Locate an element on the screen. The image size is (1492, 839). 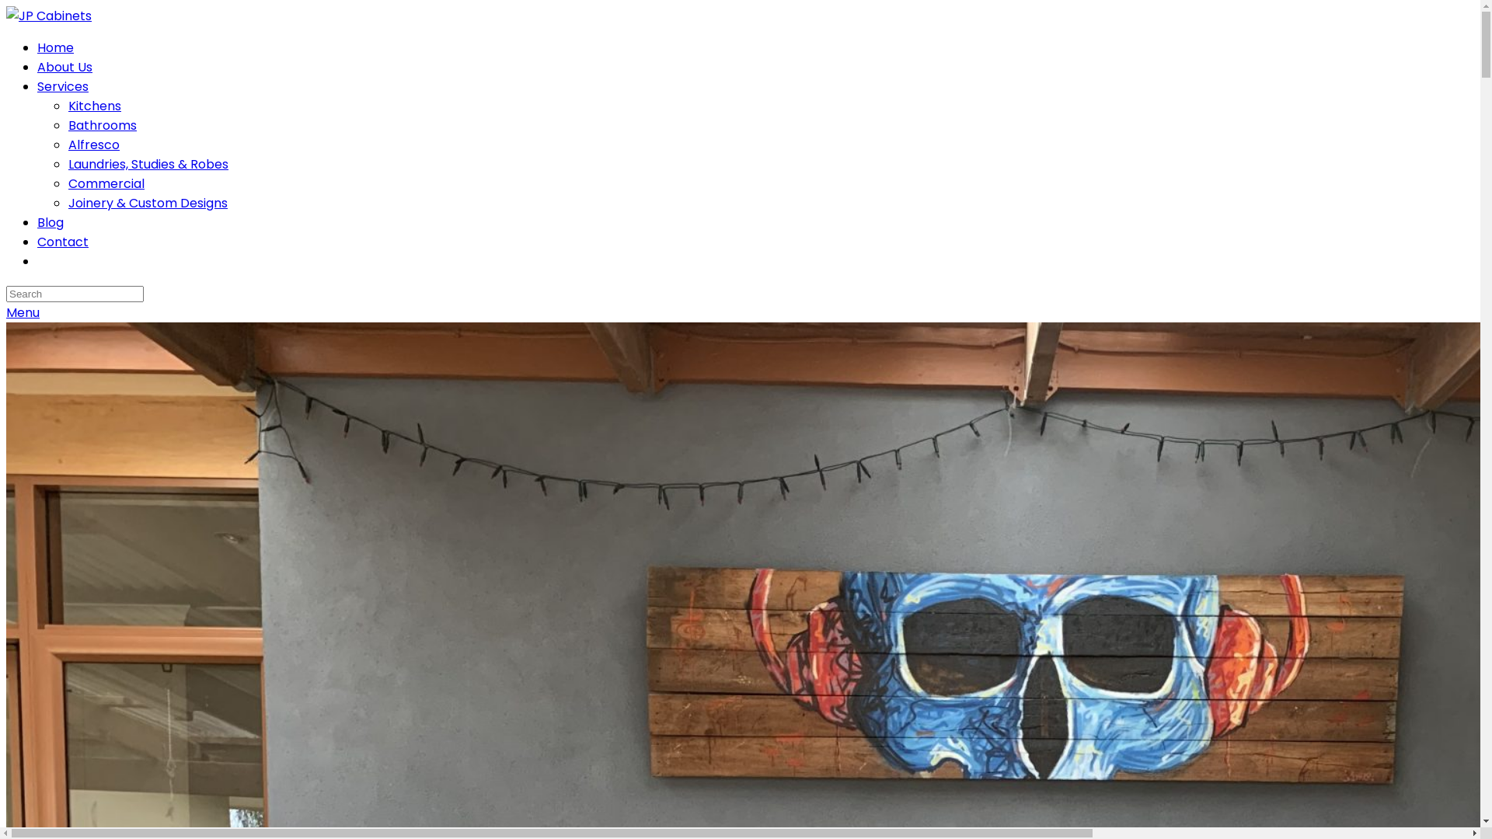
'Blog' is located at coordinates (37, 222).